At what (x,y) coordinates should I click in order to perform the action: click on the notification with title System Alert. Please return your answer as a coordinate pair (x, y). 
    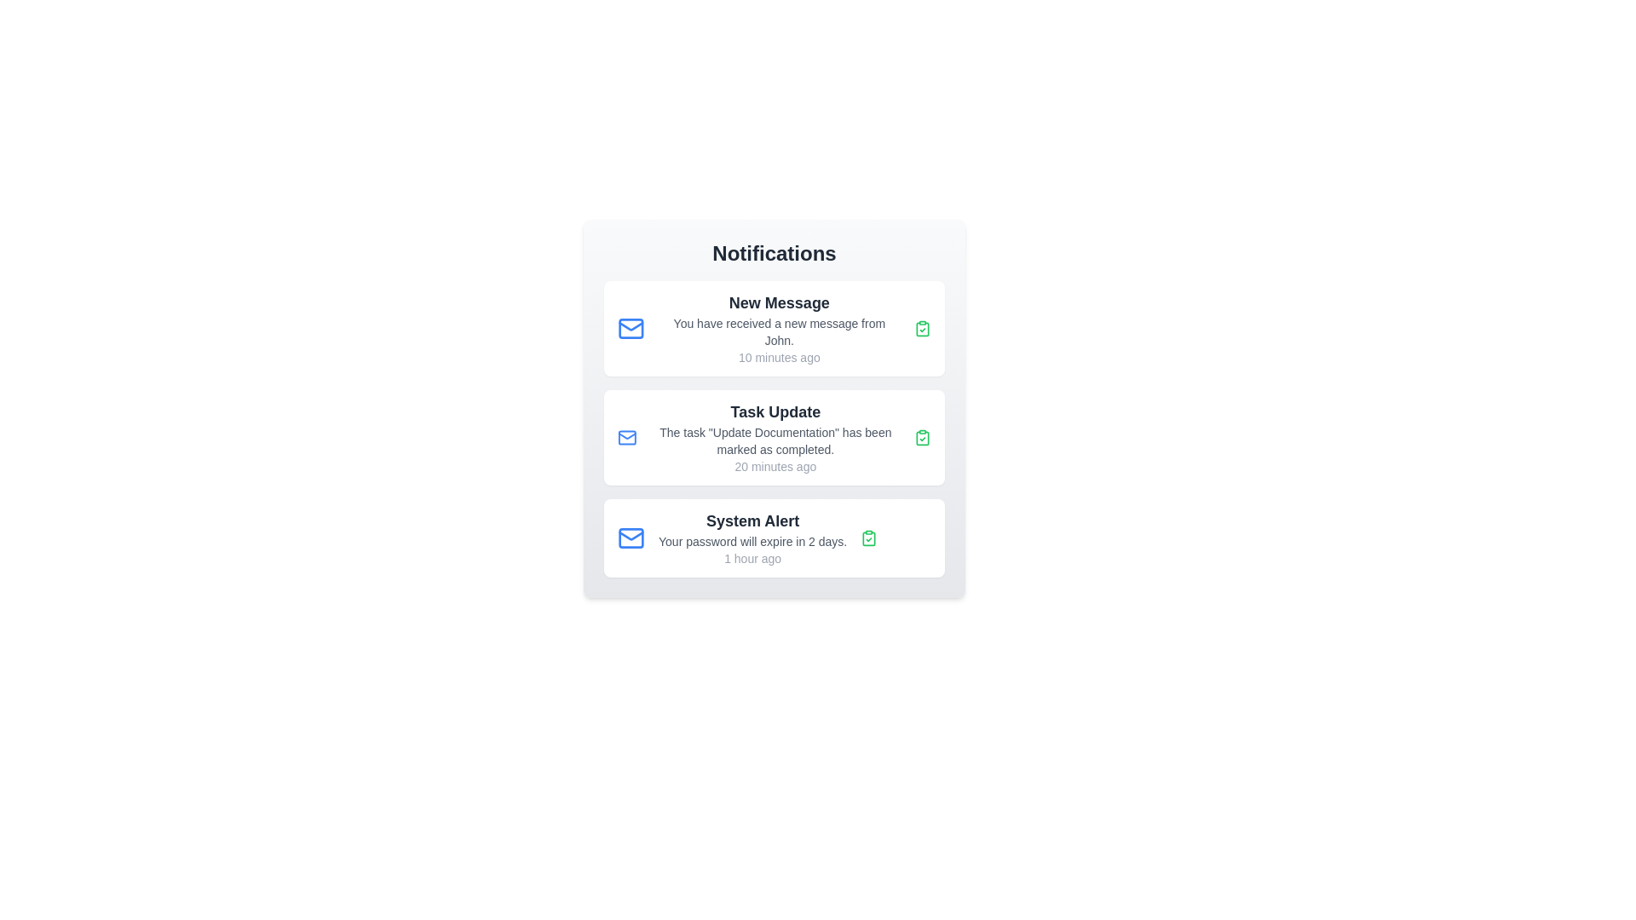
    Looking at the image, I should click on (773, 538).